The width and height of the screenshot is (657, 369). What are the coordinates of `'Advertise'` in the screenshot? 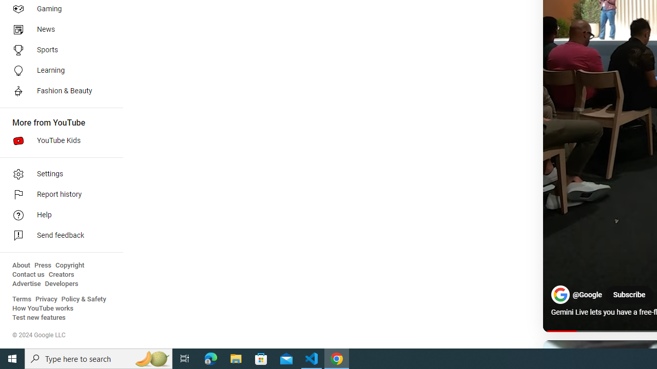 It's located at (26, 284).